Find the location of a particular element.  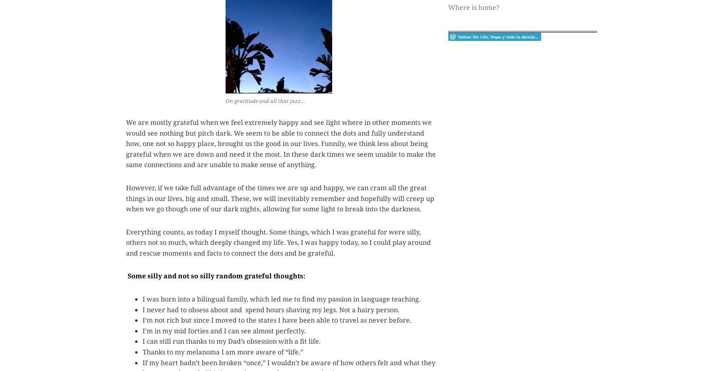

'Everything counts, as today I myself thought. Some things, which I was grateful for were silly, others not so much, which deeply changed my life. Yes, I was happy today, so I could play around and rescue moments and facts to connect the dots and be grateful.' is located at coordinates (126, 242).